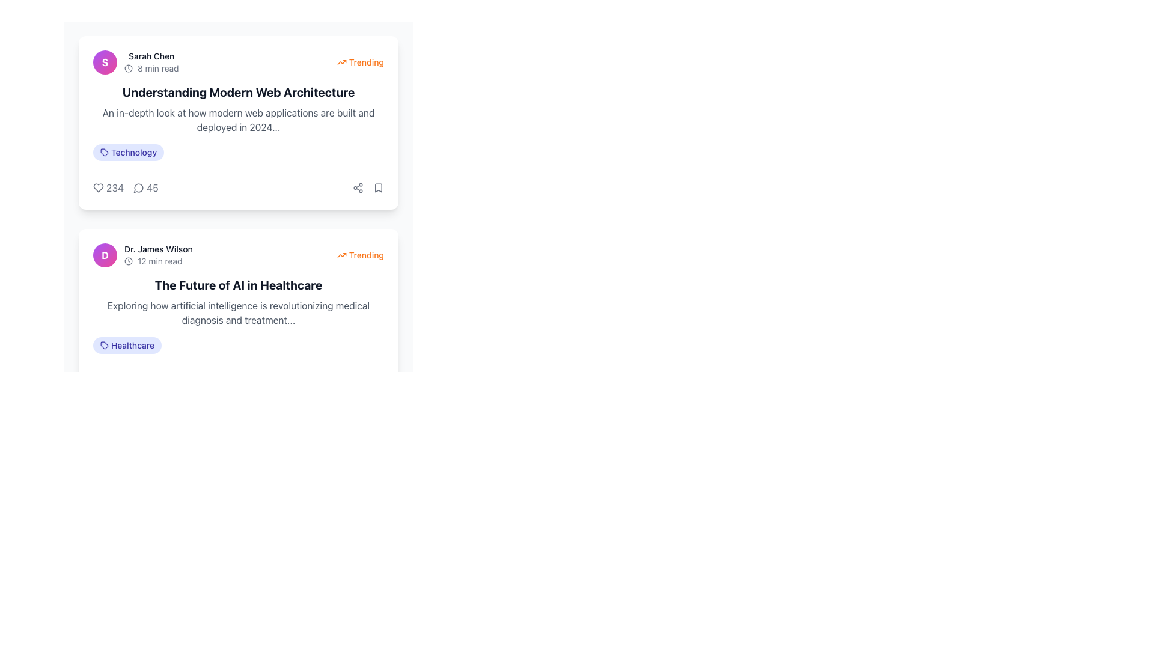 This screenshot has height=649, width=1154. Describe the element at coordinates (151, 187) in the screenshot. I see `the static text element displaying the number of comments for the article 'Understanding Modern Web Architecture', located to the right of the speech bubble icon` at that location.